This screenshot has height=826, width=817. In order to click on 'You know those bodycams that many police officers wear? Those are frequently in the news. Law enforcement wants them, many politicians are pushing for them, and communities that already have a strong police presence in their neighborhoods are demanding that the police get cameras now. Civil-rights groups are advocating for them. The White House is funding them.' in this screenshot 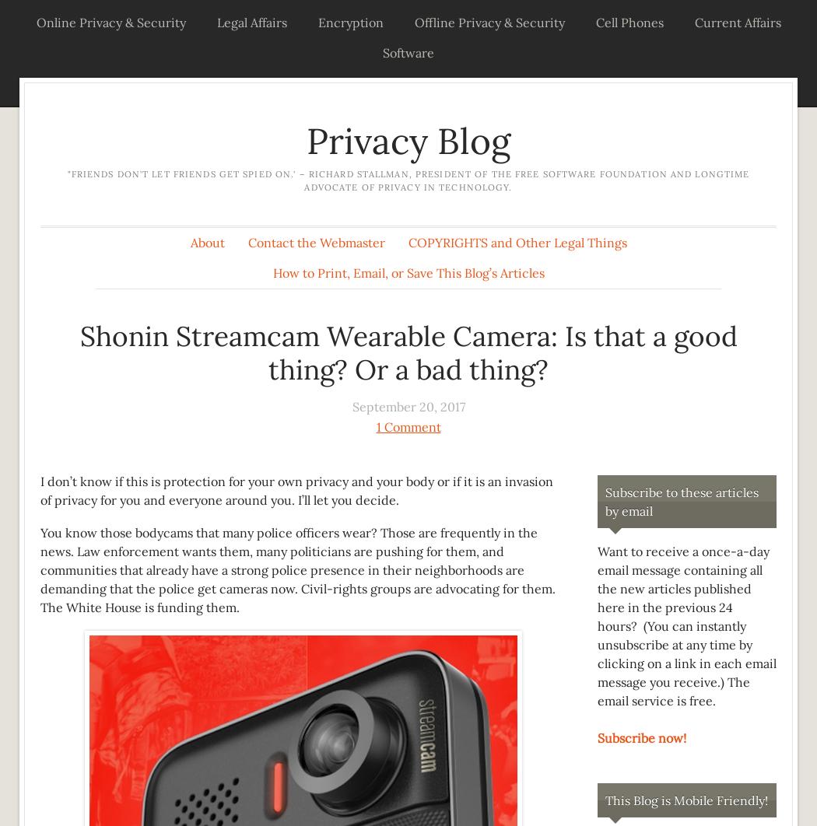, I will do `click(39, 569)`.